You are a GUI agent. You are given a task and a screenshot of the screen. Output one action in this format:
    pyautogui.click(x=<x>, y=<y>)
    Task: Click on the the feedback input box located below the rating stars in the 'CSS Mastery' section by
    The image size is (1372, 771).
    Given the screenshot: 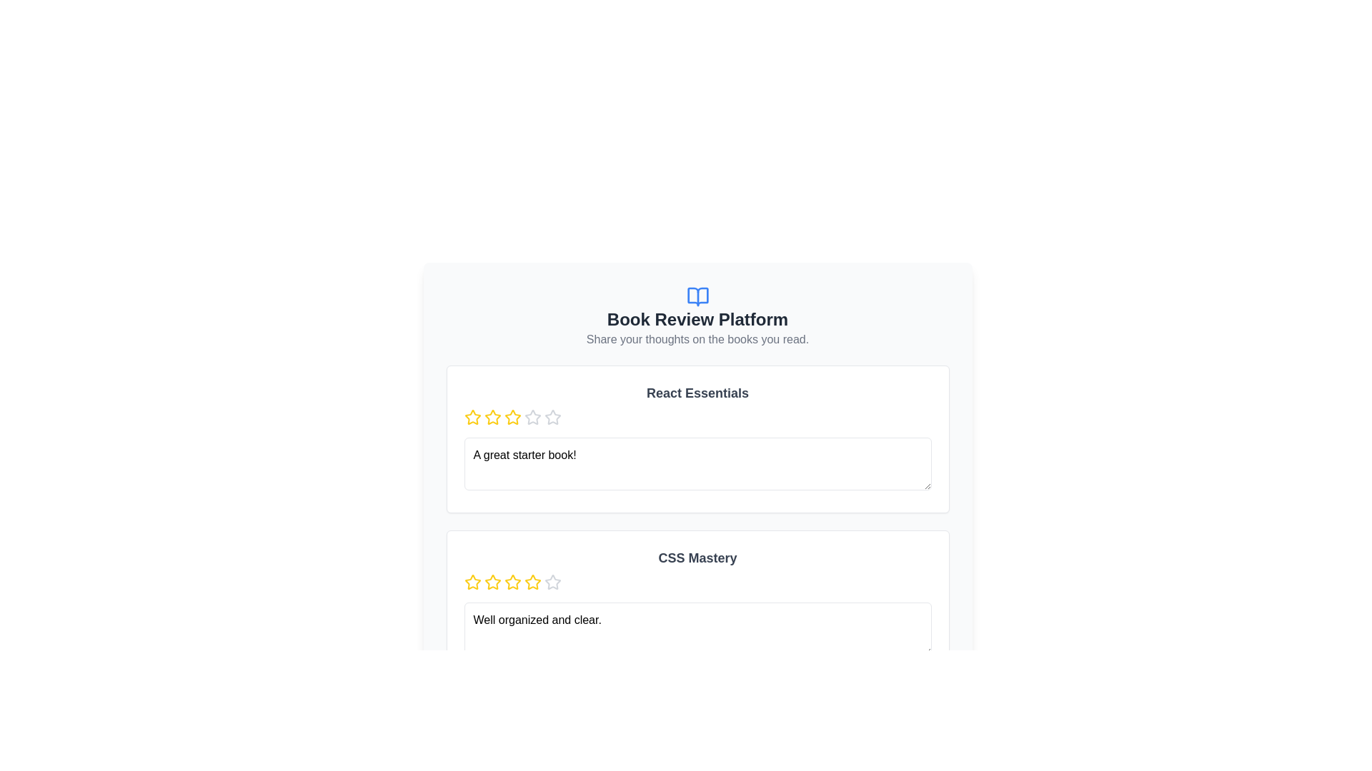 What is the action you would take?
    pyautogui.click(x=697, y=628)
    